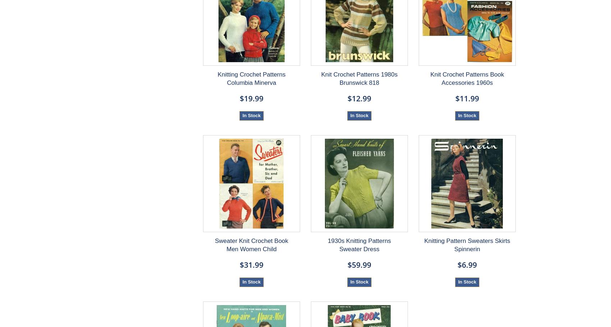  What do you see at coordinates (358, 98) in the screenshot?
I see `'$12.99'` at bounding box center [358, 98].